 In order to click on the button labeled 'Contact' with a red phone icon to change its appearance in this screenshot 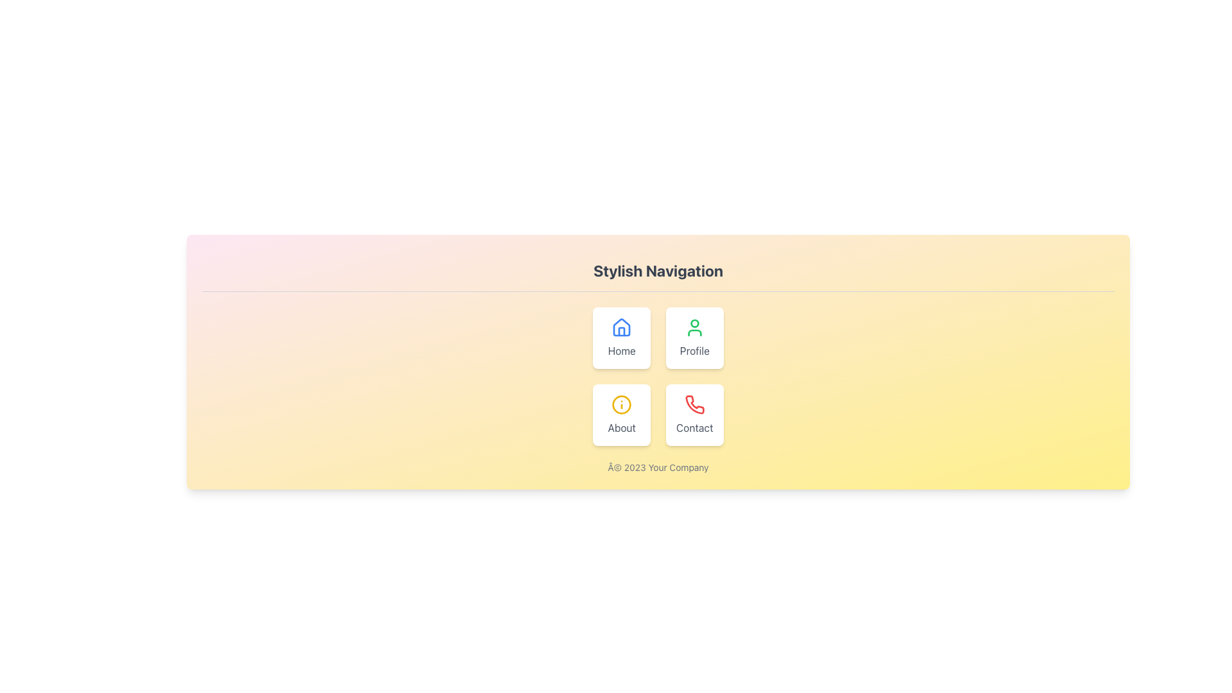, I will do `click(694, 415)`.